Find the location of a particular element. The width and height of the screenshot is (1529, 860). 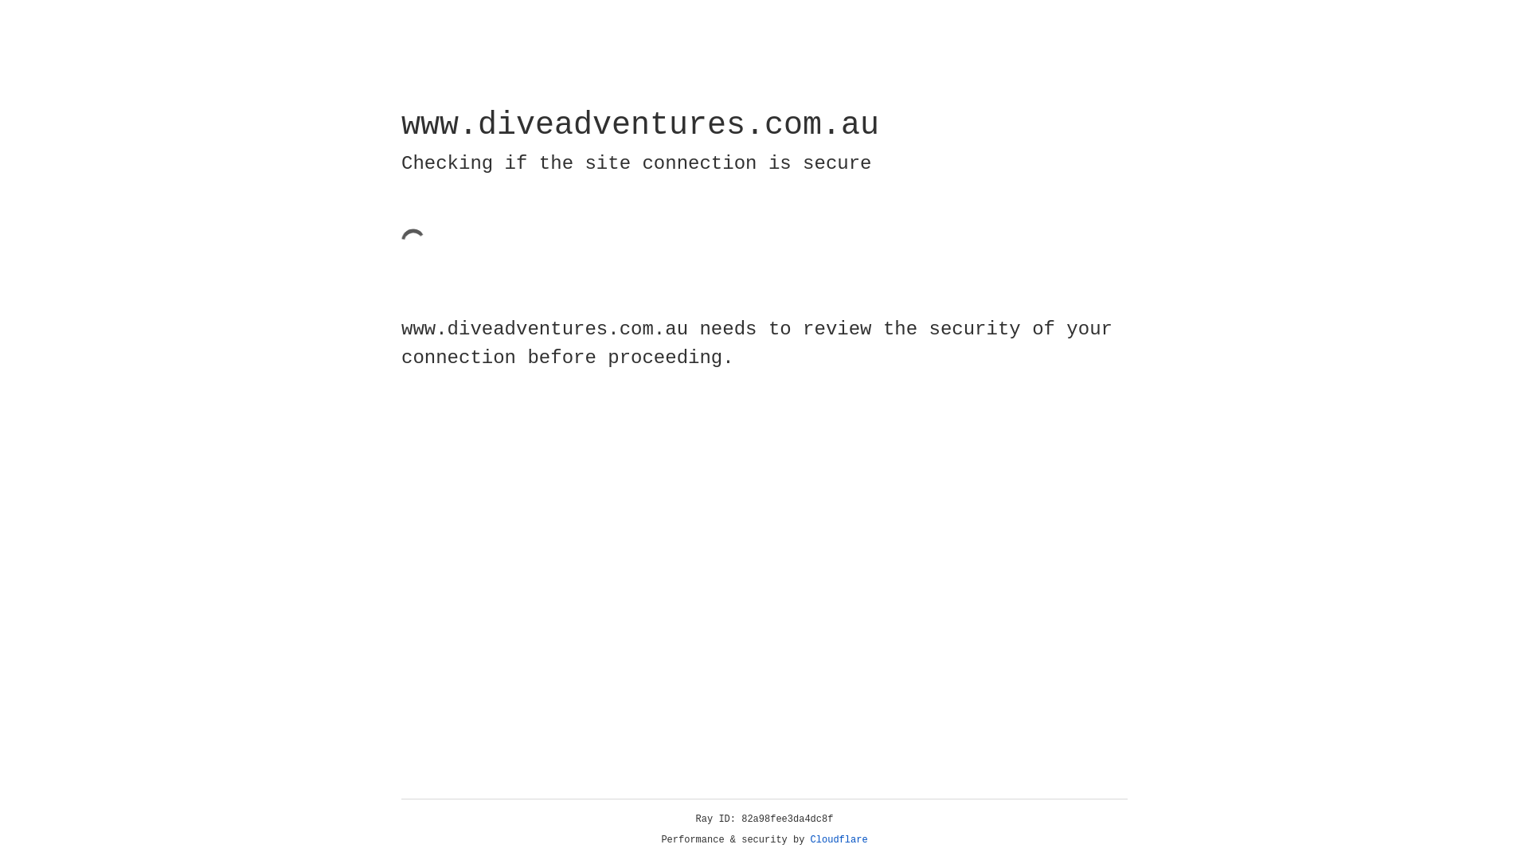

'Cloudflare' is located at coordinates (810, 839).